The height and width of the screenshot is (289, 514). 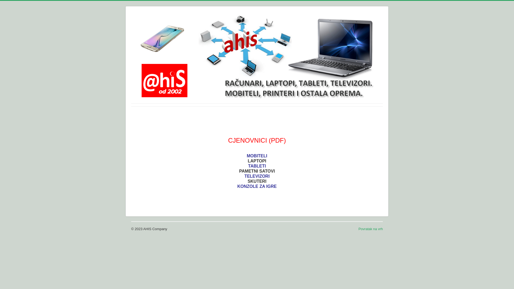 I want to click on 'SKUTERI', so click(x=257, y=181).